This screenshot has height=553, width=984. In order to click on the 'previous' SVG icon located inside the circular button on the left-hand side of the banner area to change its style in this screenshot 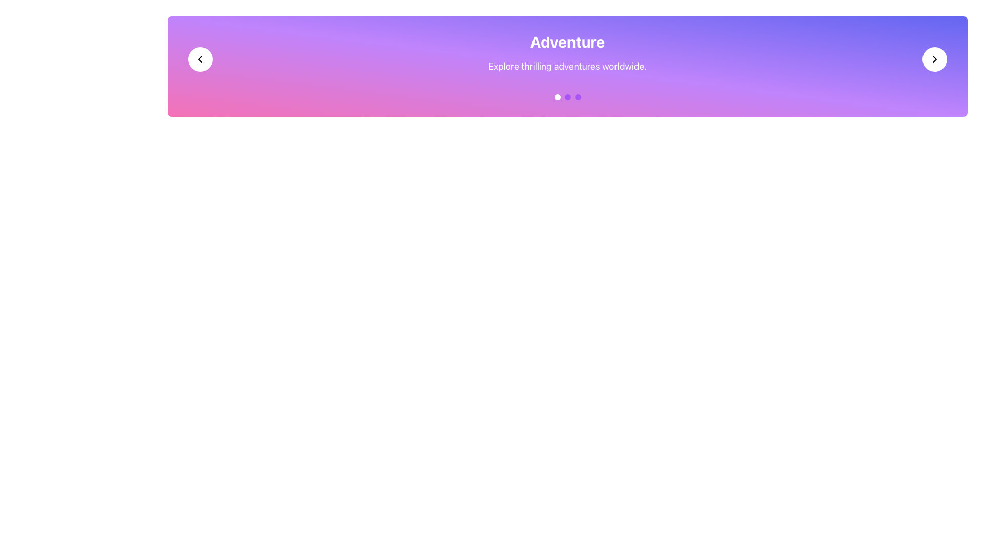, I will do `click(200, 59)`.